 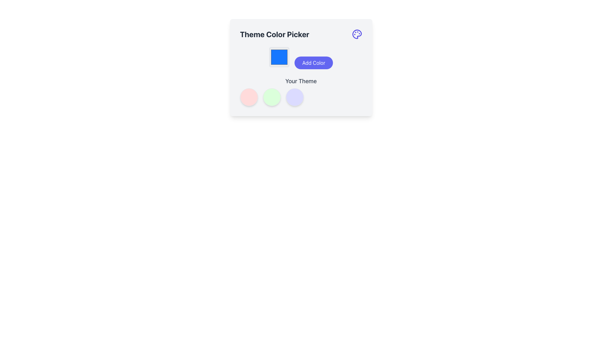 What do you see at coordinates (357, 34) in the screenshot?
I see `the colorful palette icon in the top-right corner of the 'Theme Color Picker' section` at bounding box center [357, 34].